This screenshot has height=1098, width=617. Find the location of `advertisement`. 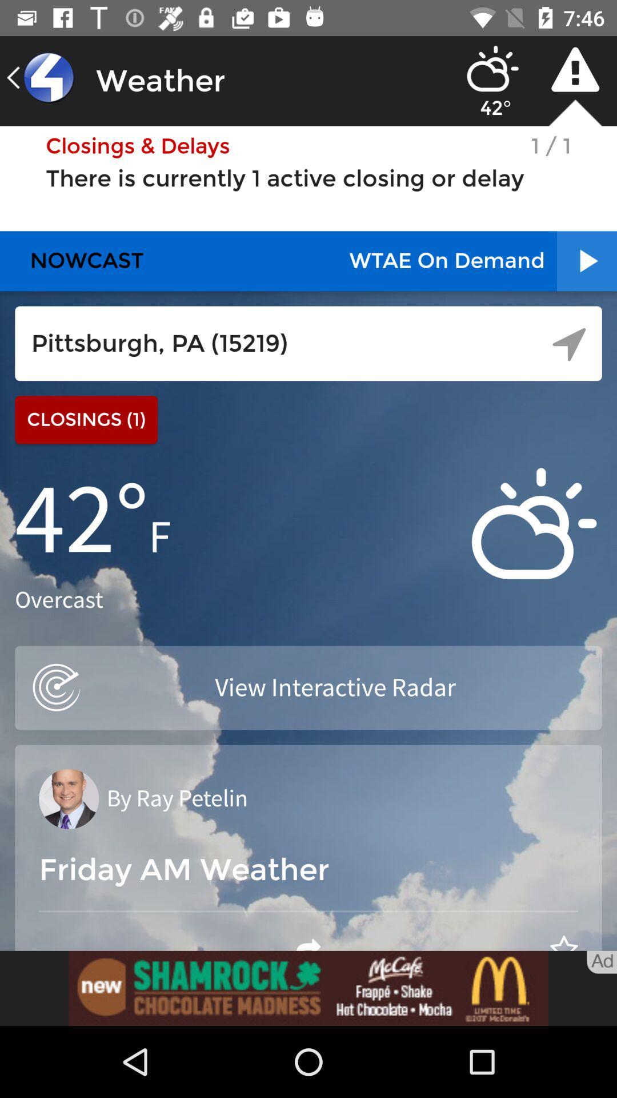

advertisement is located at coordinates (308, 988).